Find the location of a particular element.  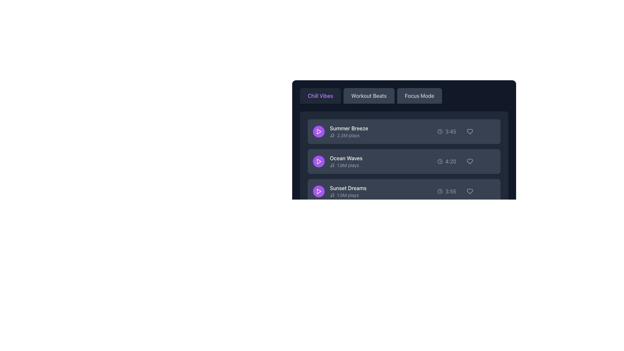

the Label displaying 'Ocean Waves 1.8M plays', which is the second item in the list, positioned below 'Summer Breeze' and above 'Sunset Dreams', located to the right of a purple circular play button is located at coordinates (346, 161).